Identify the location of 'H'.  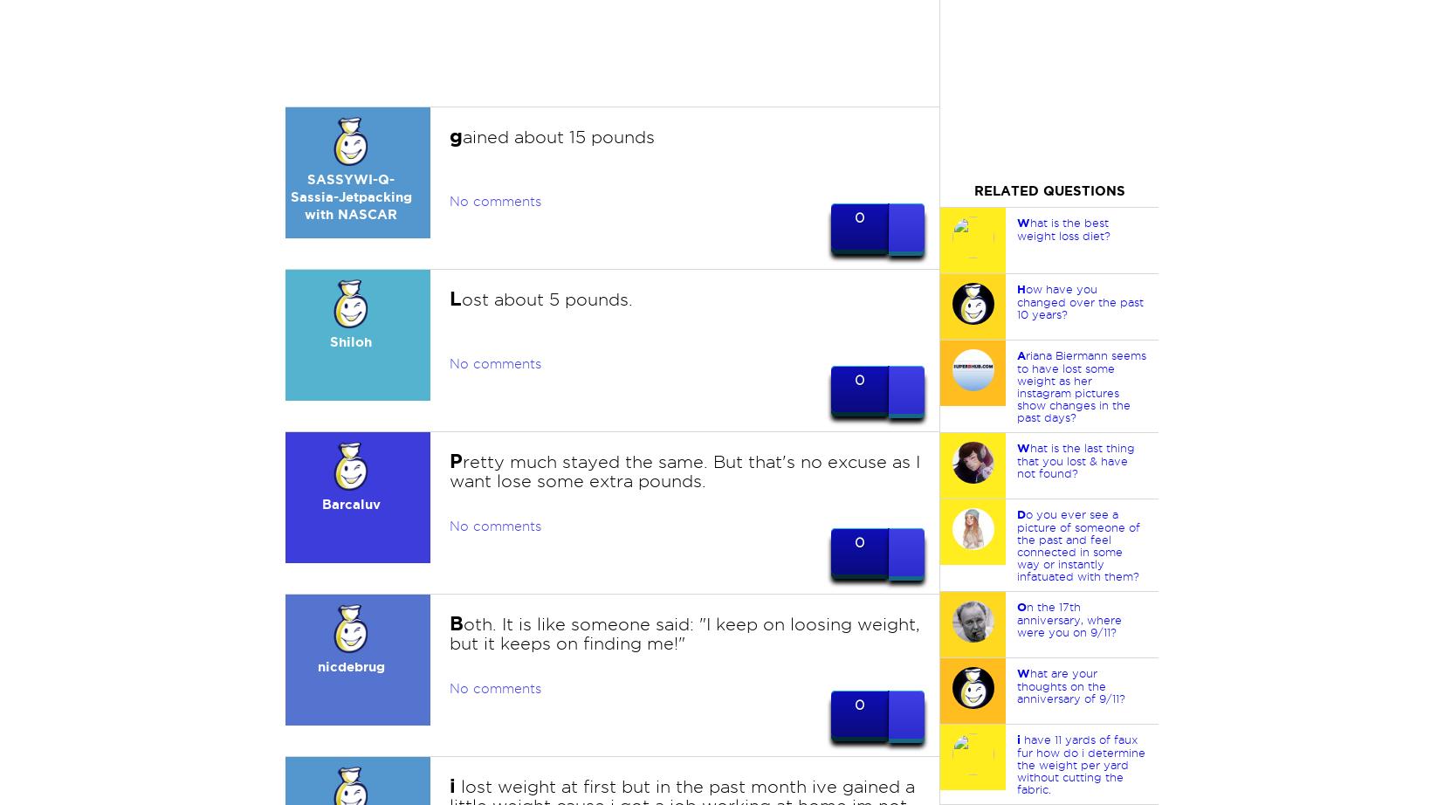
(1020, 288).